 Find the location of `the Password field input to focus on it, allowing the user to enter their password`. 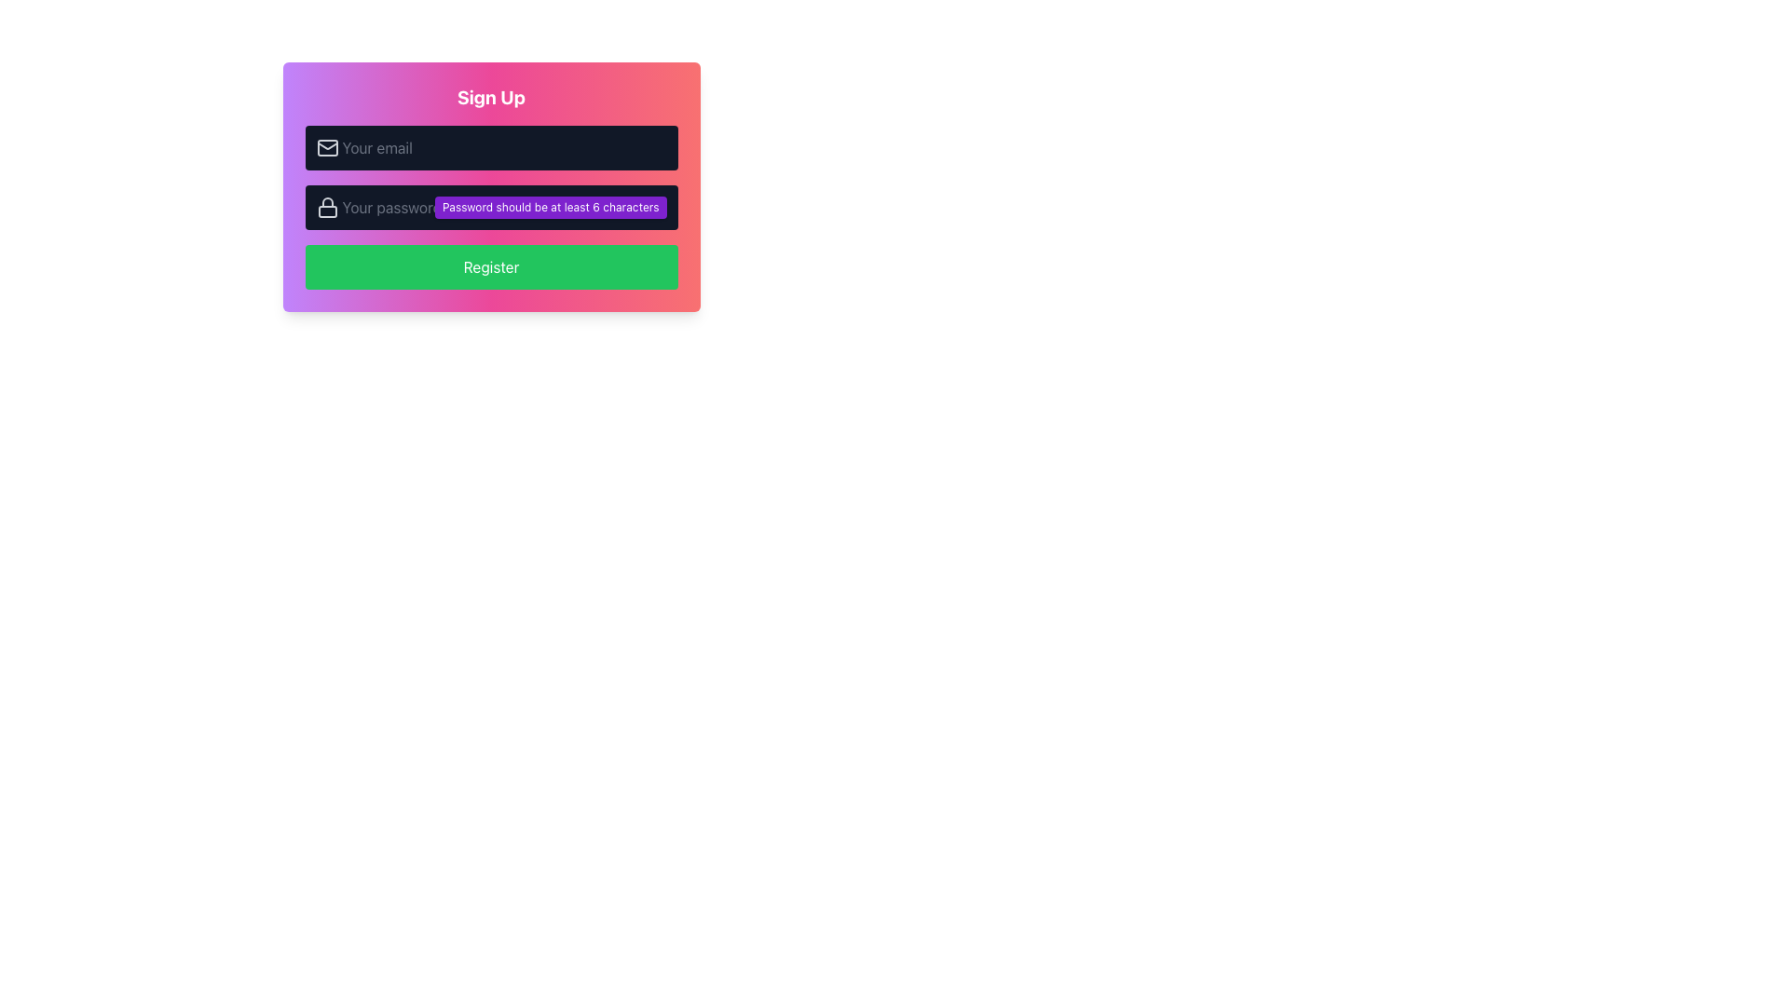

the Password field input to focus on it, allowing the user to enter their password is located at coordinates (491, 208).